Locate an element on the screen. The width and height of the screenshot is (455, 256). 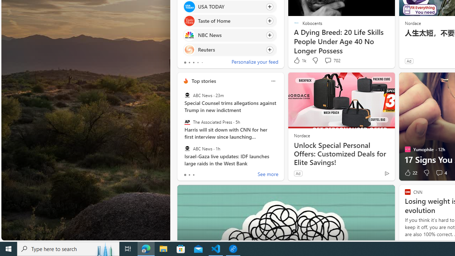
'22 Like' is located at coordinates (410, 173).